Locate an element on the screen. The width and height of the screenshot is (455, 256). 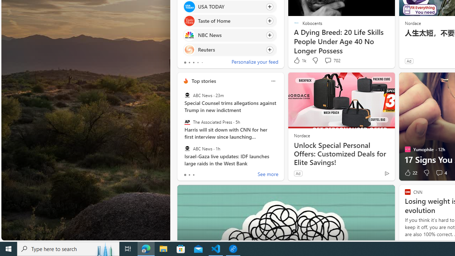
'22 Like' is located at coordinates (410, 173).